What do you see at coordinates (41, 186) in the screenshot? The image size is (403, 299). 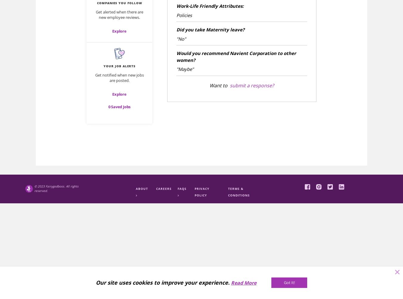 I see `'2023'` at bounding box center [41, 186].